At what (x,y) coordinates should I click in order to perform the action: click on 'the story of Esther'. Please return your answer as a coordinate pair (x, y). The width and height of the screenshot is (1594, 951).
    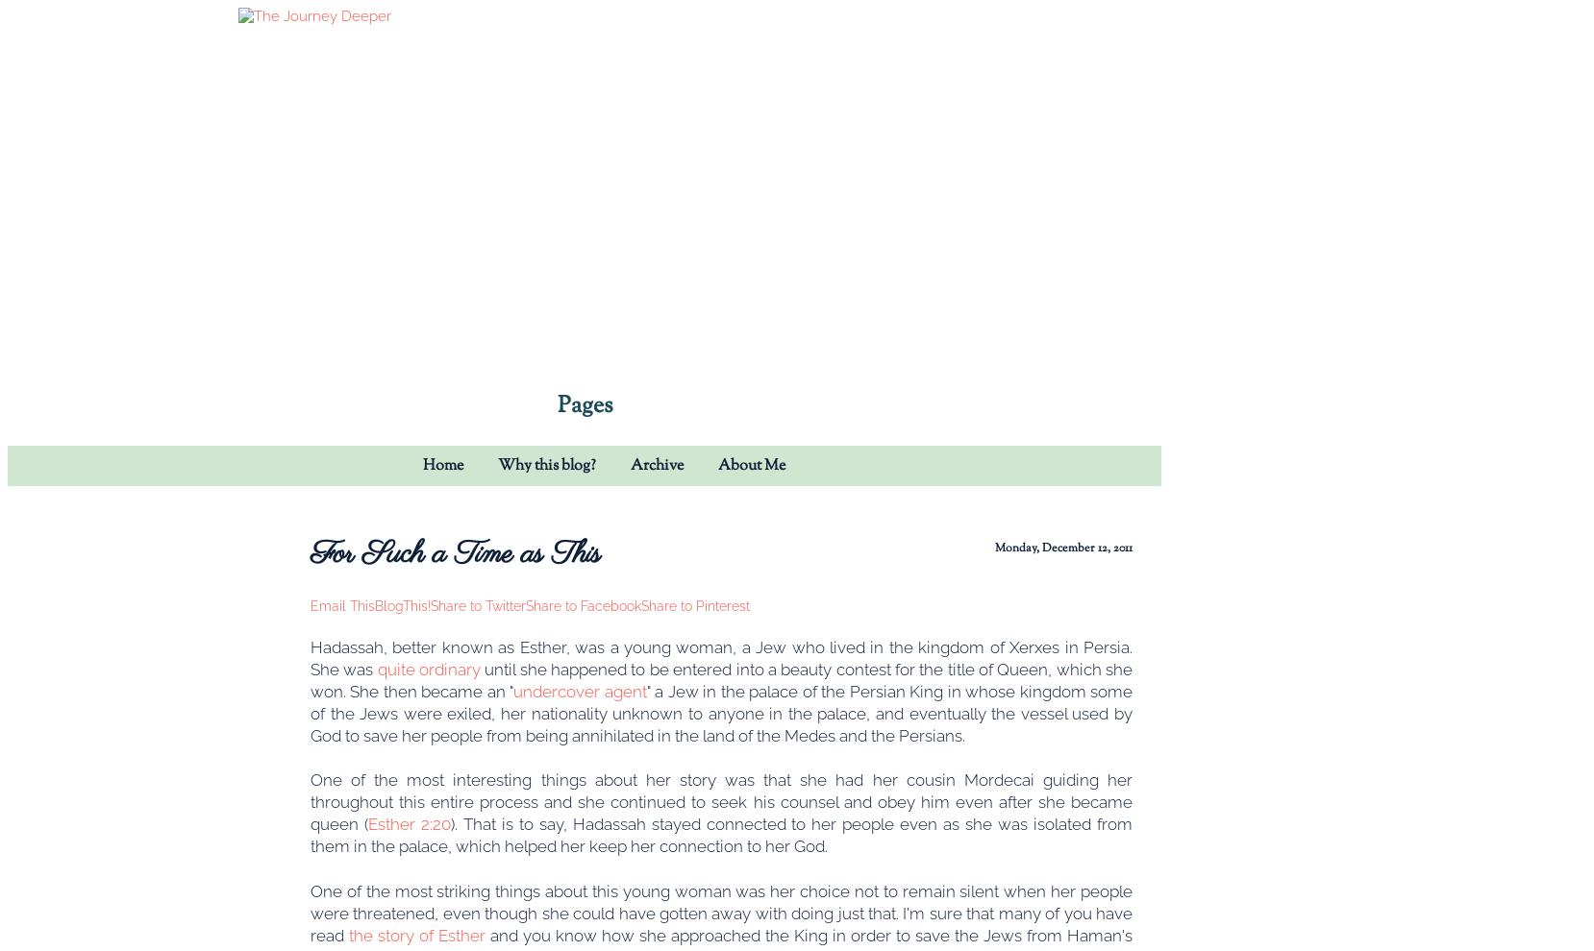
    Looking at the image, I should click on (347, 934).